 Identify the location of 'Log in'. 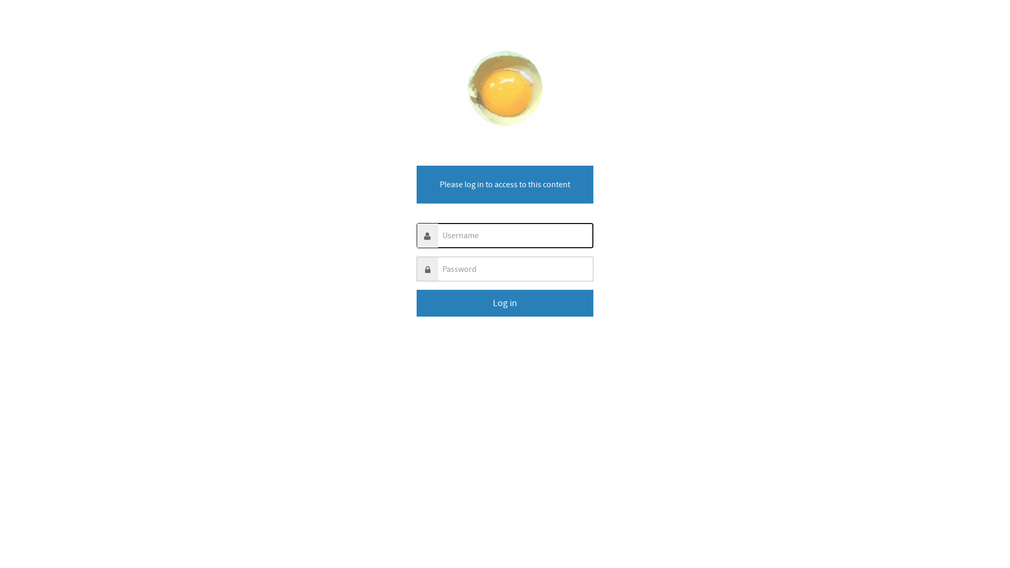
(505, 303).